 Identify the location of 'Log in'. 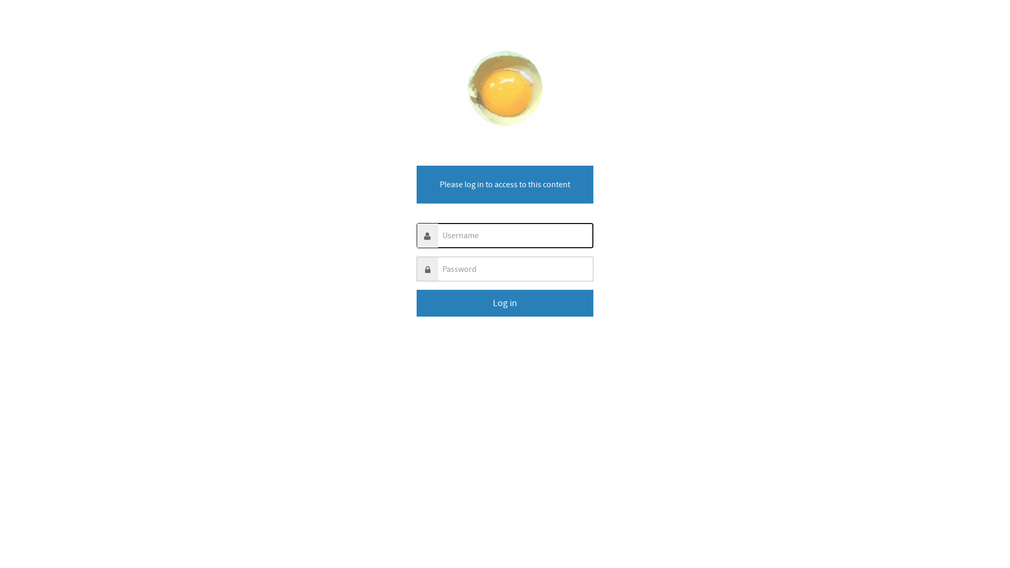
(505, 303).